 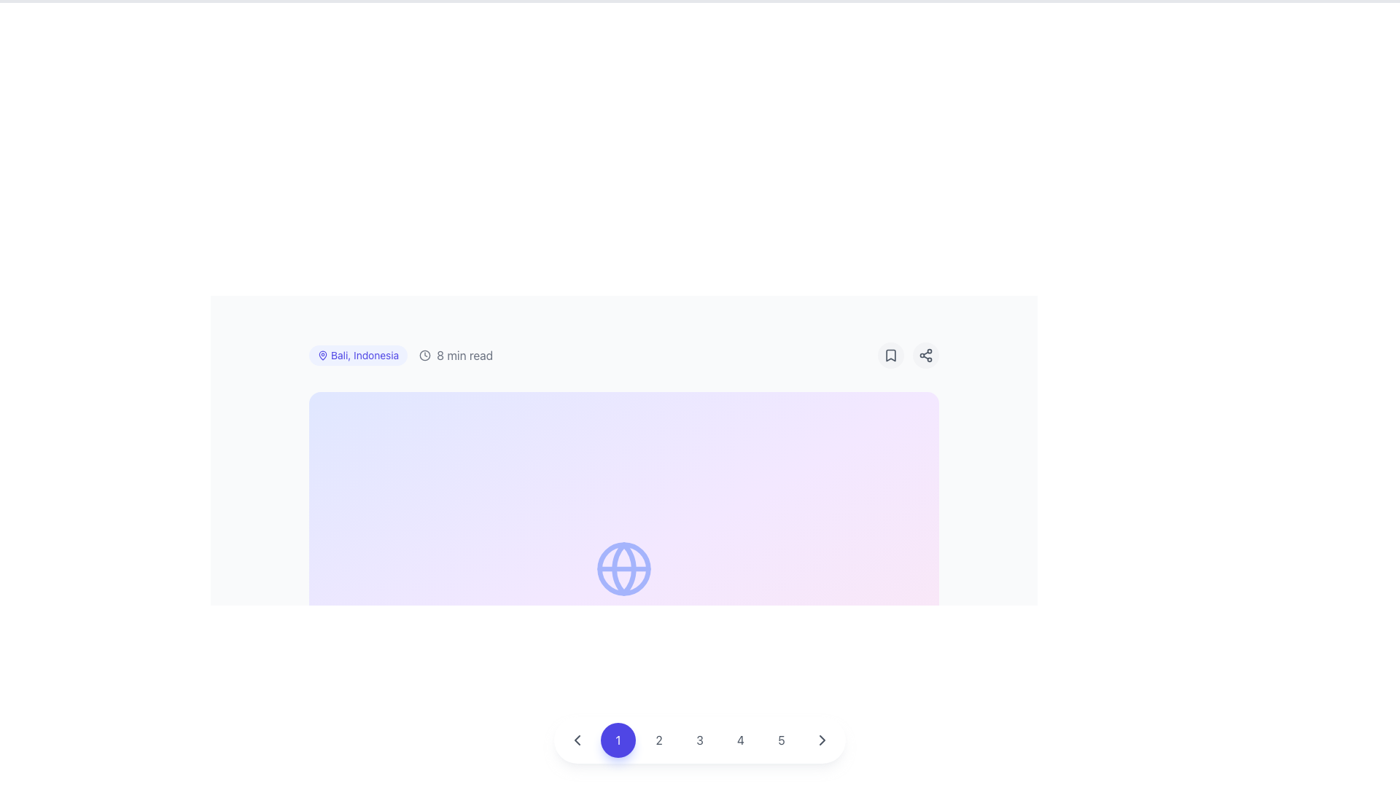 What do you see at coordinates (464, 356) in the screenshot?
I see `text label that indicates the estimated duration to read the associated content, which is located to the right of the clock icon and next to the geographic location label 'Bali, Indonesia'` at bounding box center [464, 356].